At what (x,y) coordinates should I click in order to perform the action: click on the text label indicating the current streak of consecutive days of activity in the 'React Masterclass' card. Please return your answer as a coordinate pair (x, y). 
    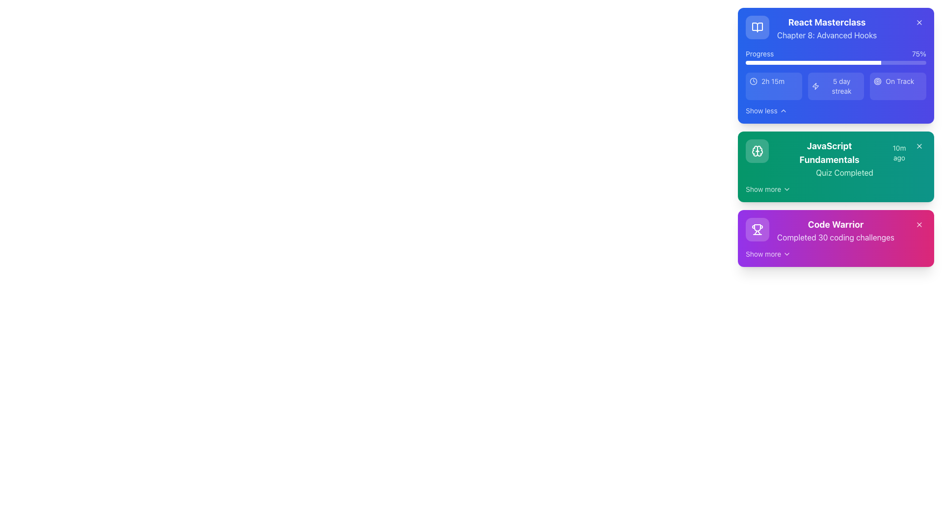
    Looking at the image, I should click on (841, 86).